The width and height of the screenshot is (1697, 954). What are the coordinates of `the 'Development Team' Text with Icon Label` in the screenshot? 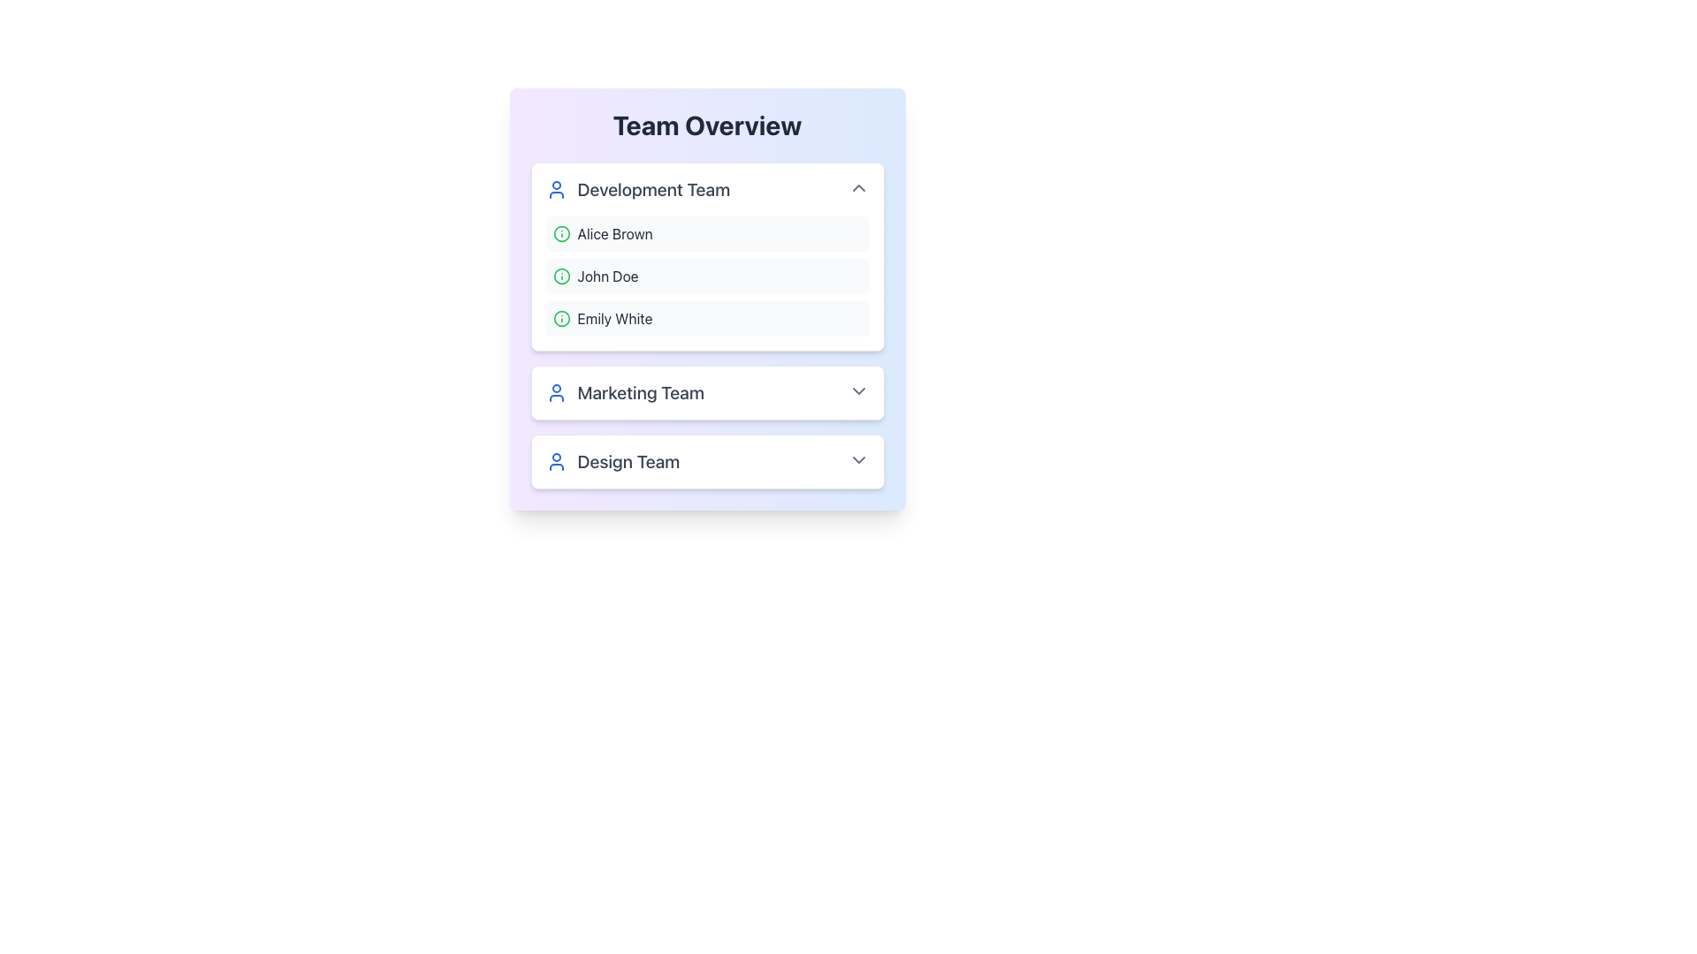 It's located at (636, 190).